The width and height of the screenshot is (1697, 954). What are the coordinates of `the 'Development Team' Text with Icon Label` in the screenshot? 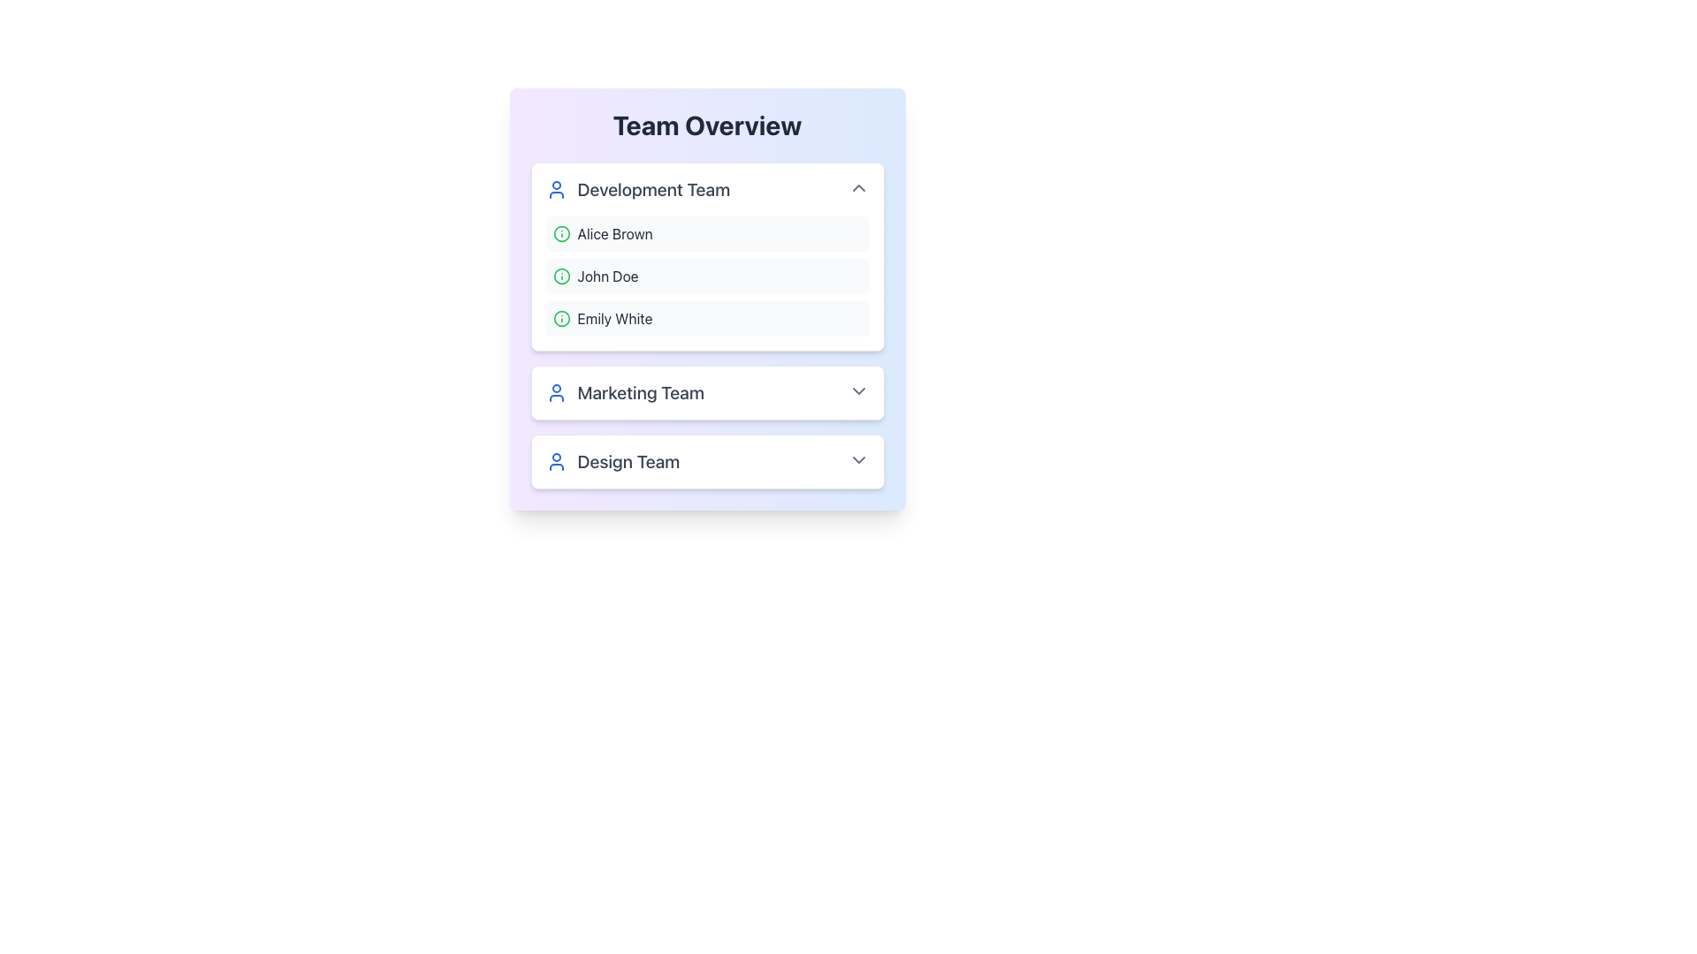 It's located at (636, 190).